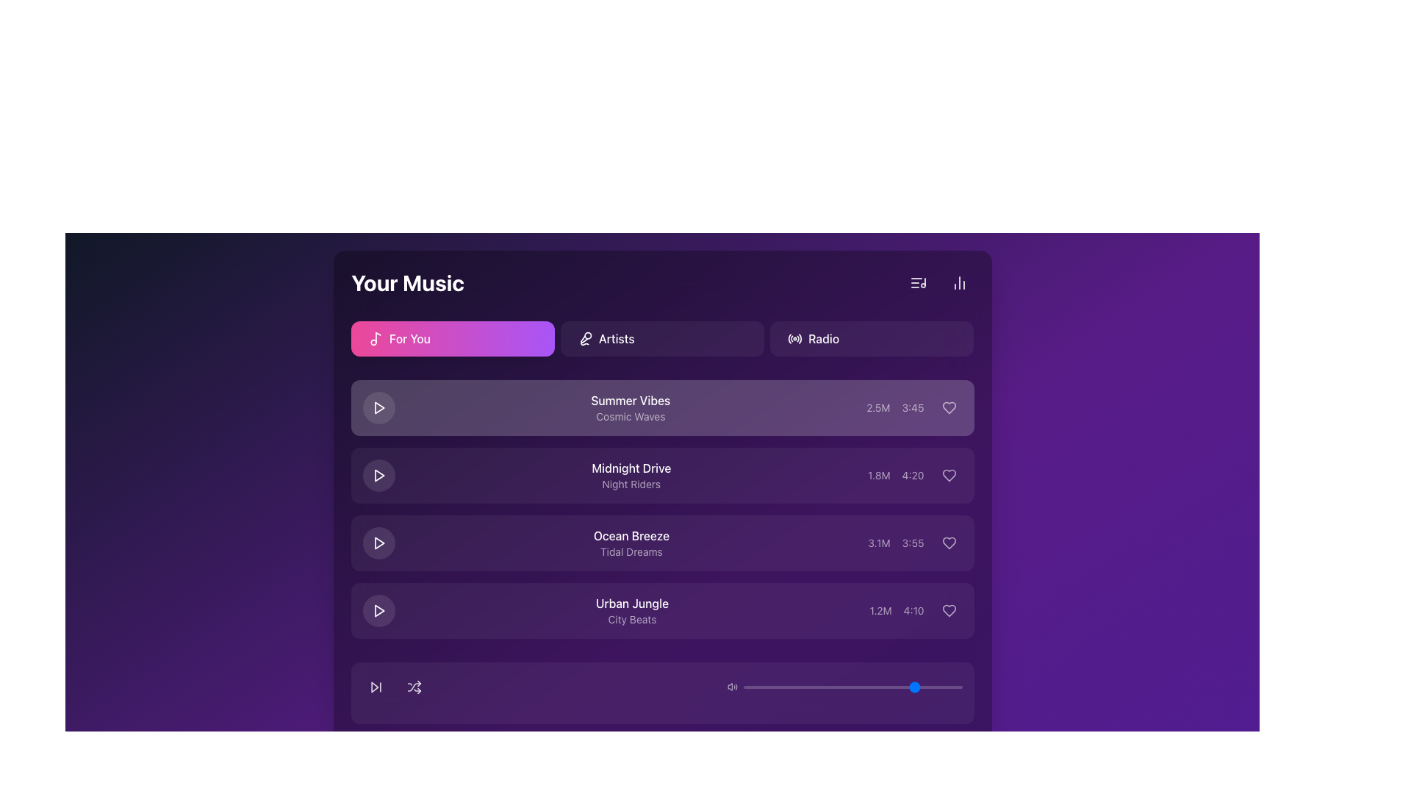 Image resolution: width=1411 pixels, height=794 pixels. I want to click on the list item titled 'Ocean Breeze' with a purple background, so click(661, 543).